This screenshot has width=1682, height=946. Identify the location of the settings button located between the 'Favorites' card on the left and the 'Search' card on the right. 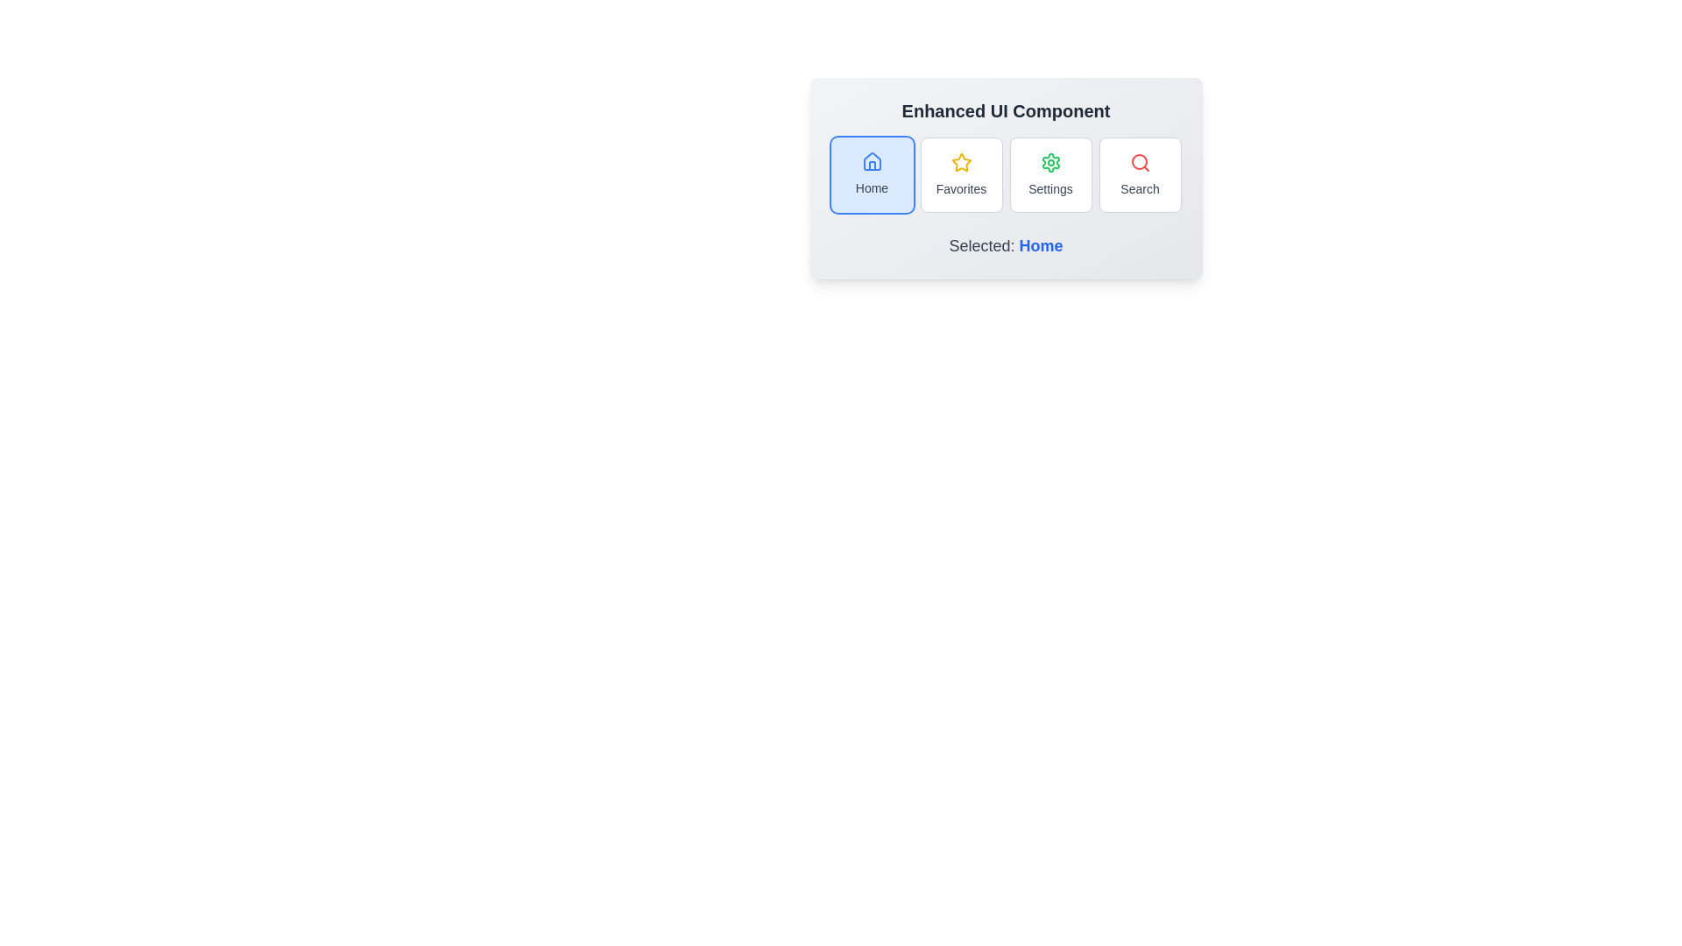
(1050, 175).